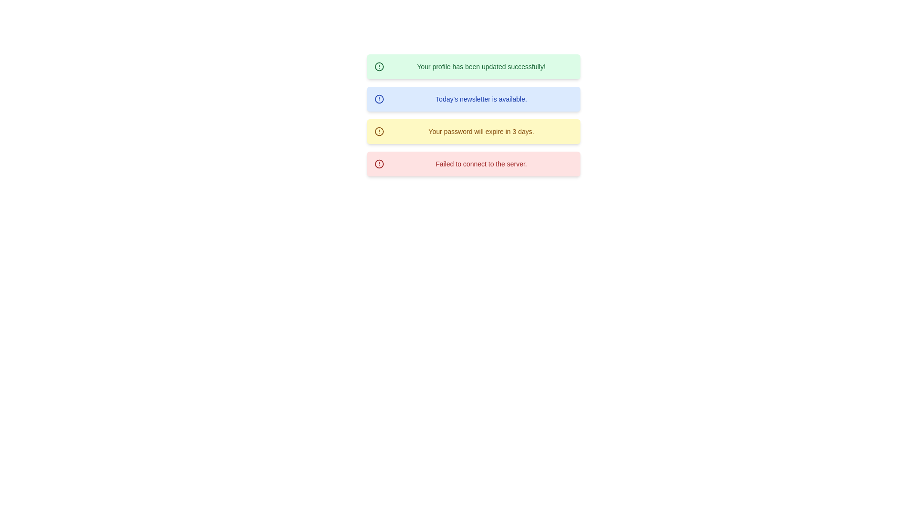  I want to click on the circular graphical component representing a warning or alert, located on the left side of the red message block indicating an error, so click(379, 163).